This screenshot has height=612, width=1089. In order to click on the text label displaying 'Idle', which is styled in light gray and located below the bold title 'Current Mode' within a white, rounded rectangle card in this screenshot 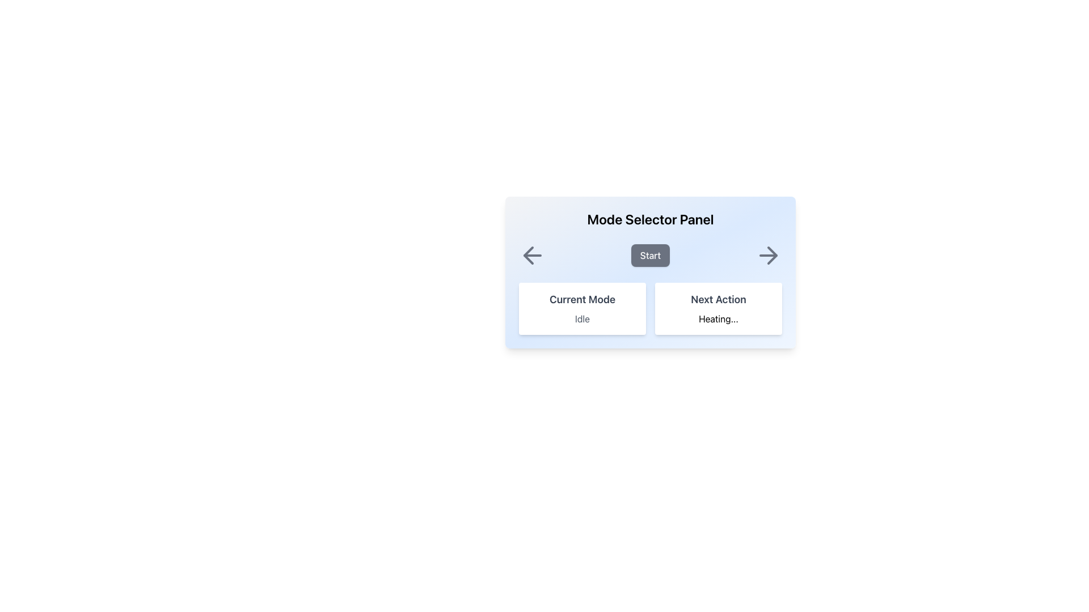, I will do `click(583, 319)`.